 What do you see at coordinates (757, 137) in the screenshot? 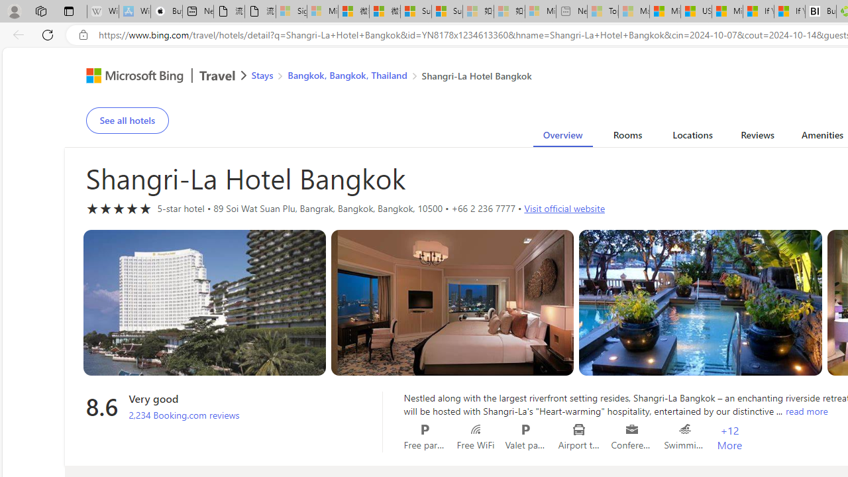
I see `'Reviews'` at bounding box center [757, 137].